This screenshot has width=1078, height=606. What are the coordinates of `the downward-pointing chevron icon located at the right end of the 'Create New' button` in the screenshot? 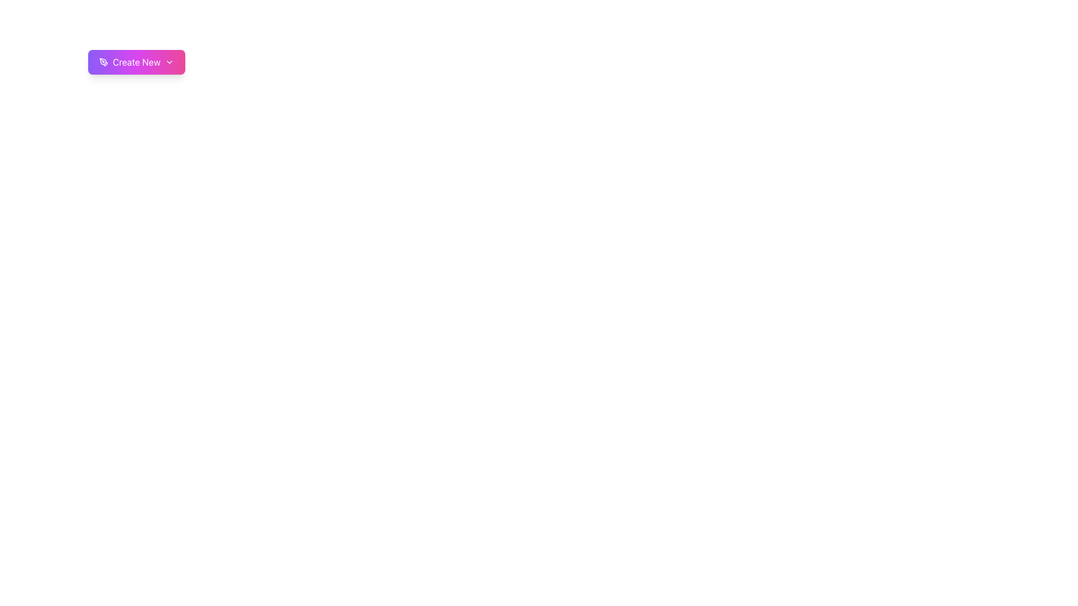 It's located at (168, 62).